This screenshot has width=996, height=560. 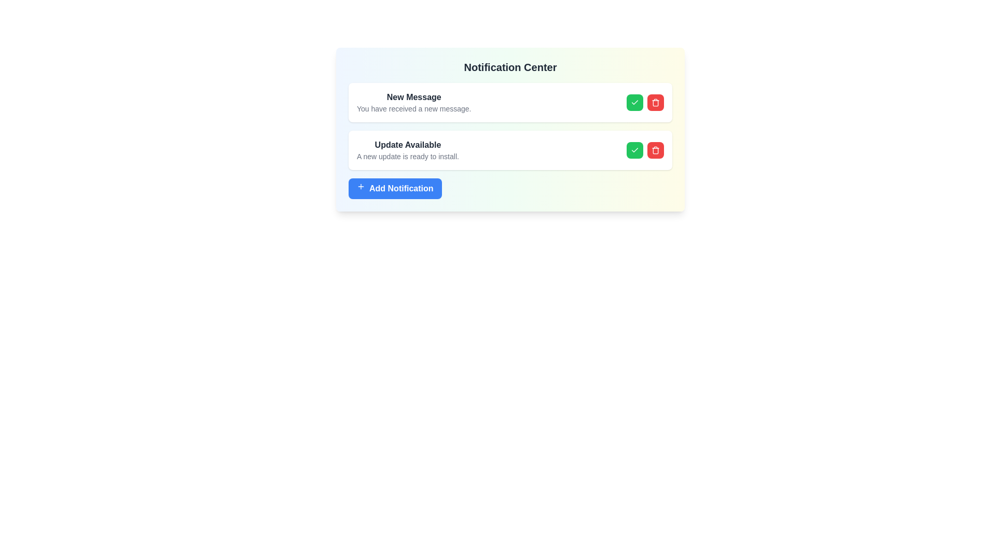 I want to click on the descriptive text element located beneath the 'New Message' heading within the notification card at the top of the Notification Center, so click(x=413, y=108).